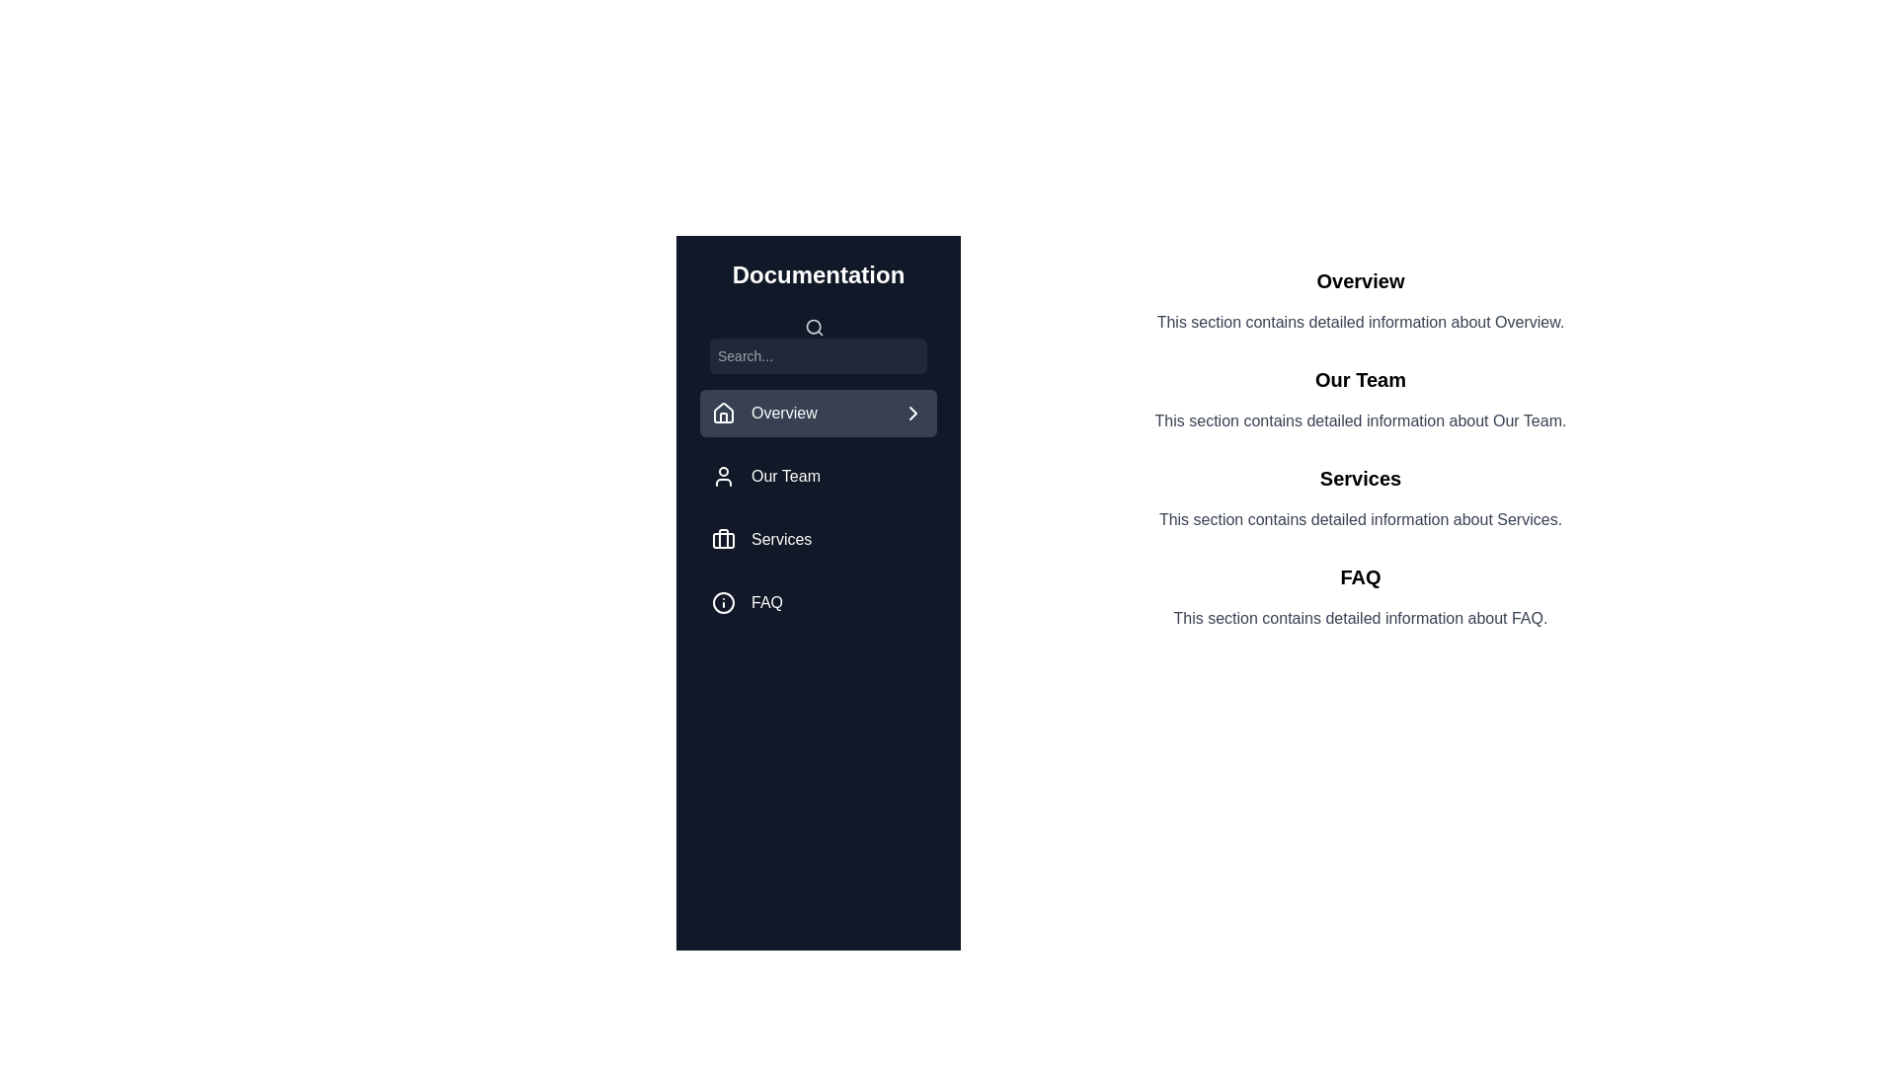  What do you see at coordinates (819, 476) in the screenshot?
I see `the 'Our Team' button in the navigation menu` at bounding box center [819, 476].